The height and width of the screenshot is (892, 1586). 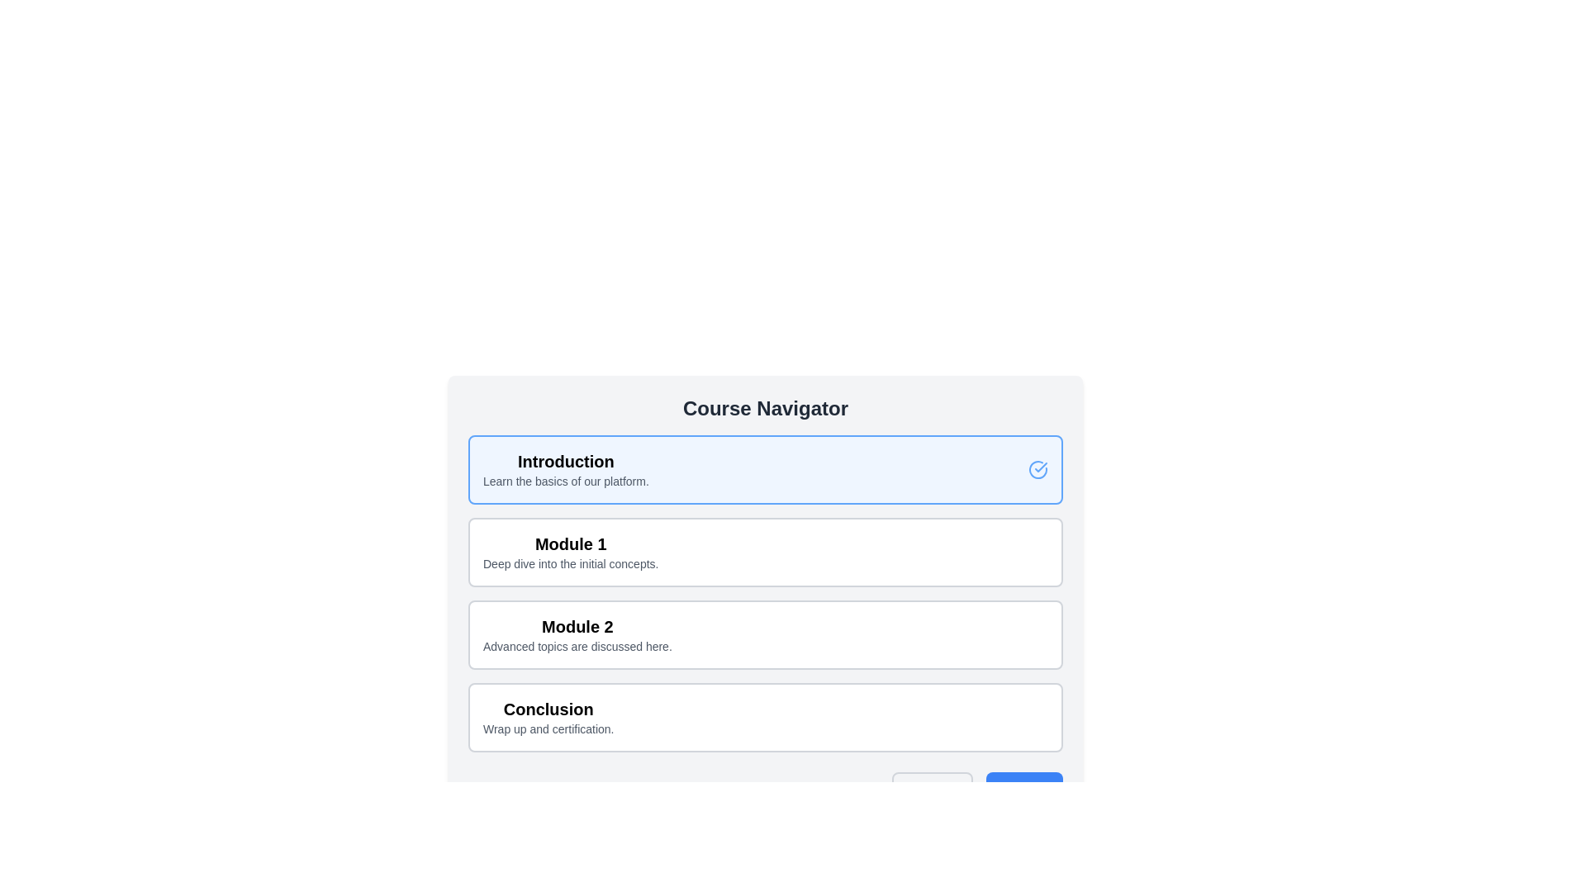 What do you see at coordinates (1023, 789) in the screenshot?
I see `the Next button to navigate` at bounding box center [1023, 789].